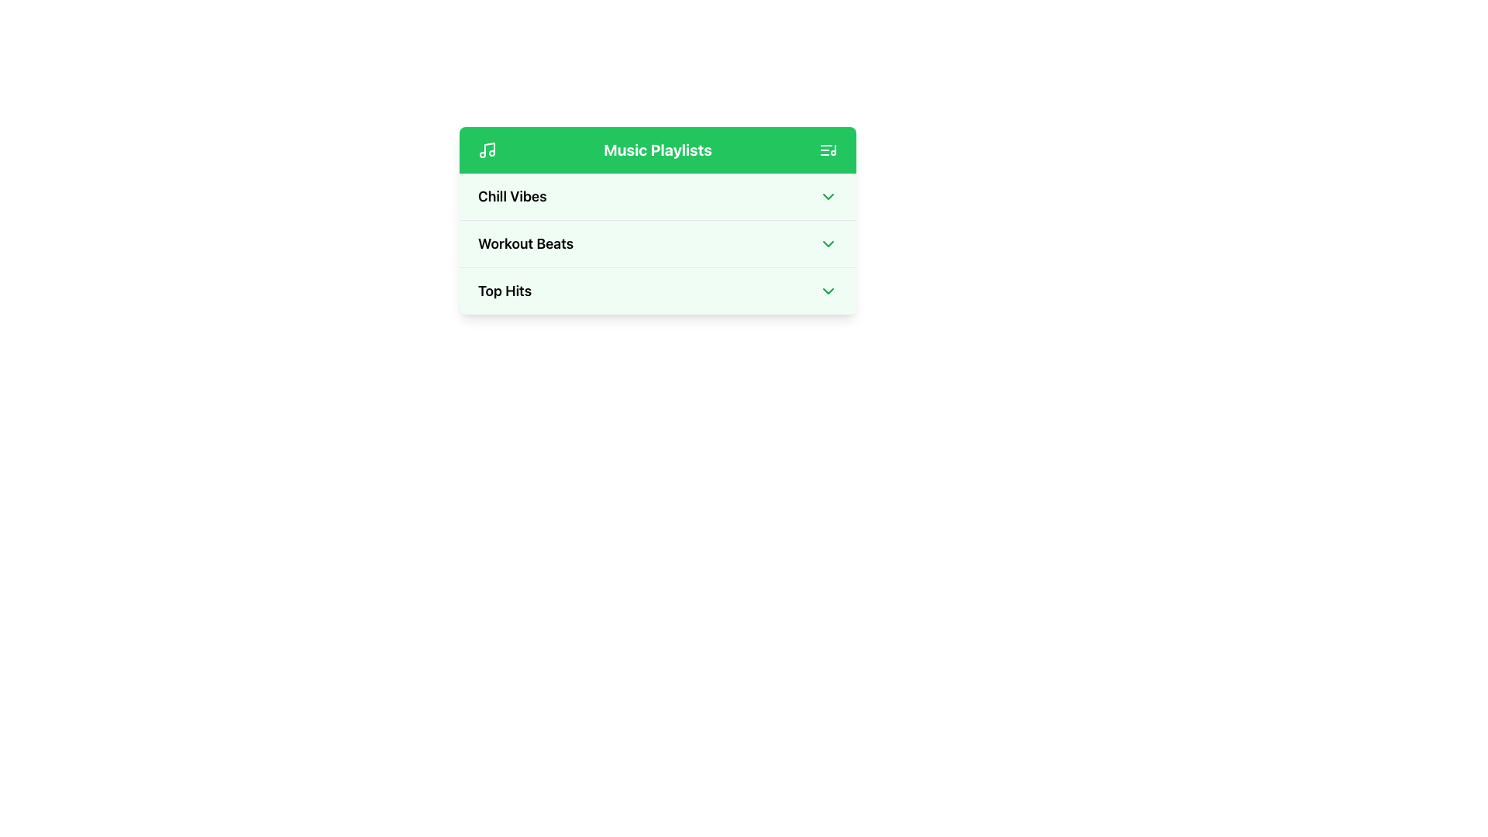  What do you see at coordinates (658, 196) in the screenshot?
I see `the list item labeled 'Chill Vibes'` at bounding box center [658, 196].